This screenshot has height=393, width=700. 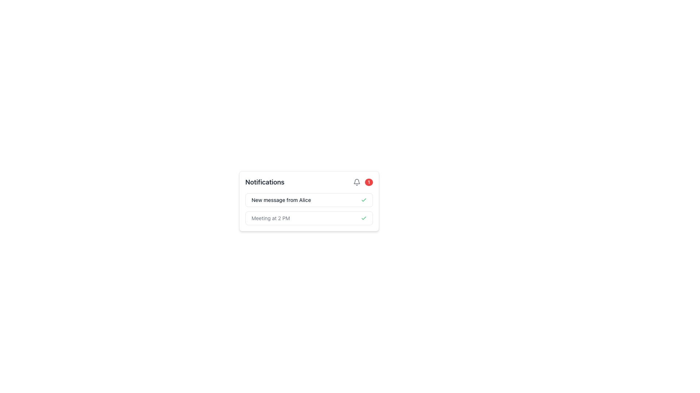 What do you see at coordinates (363, 182) in the screenshot?
I see `the unread notifications badge located to the right of the bell icon in the top-right area of the notification card` at bounding box center [363, 182].